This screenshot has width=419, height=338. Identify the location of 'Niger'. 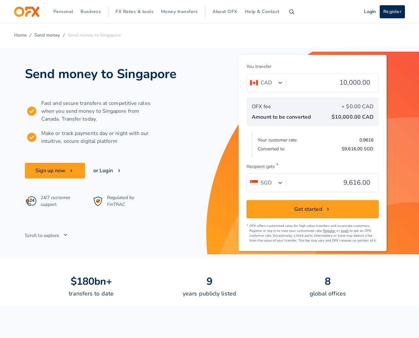
(227, 215).